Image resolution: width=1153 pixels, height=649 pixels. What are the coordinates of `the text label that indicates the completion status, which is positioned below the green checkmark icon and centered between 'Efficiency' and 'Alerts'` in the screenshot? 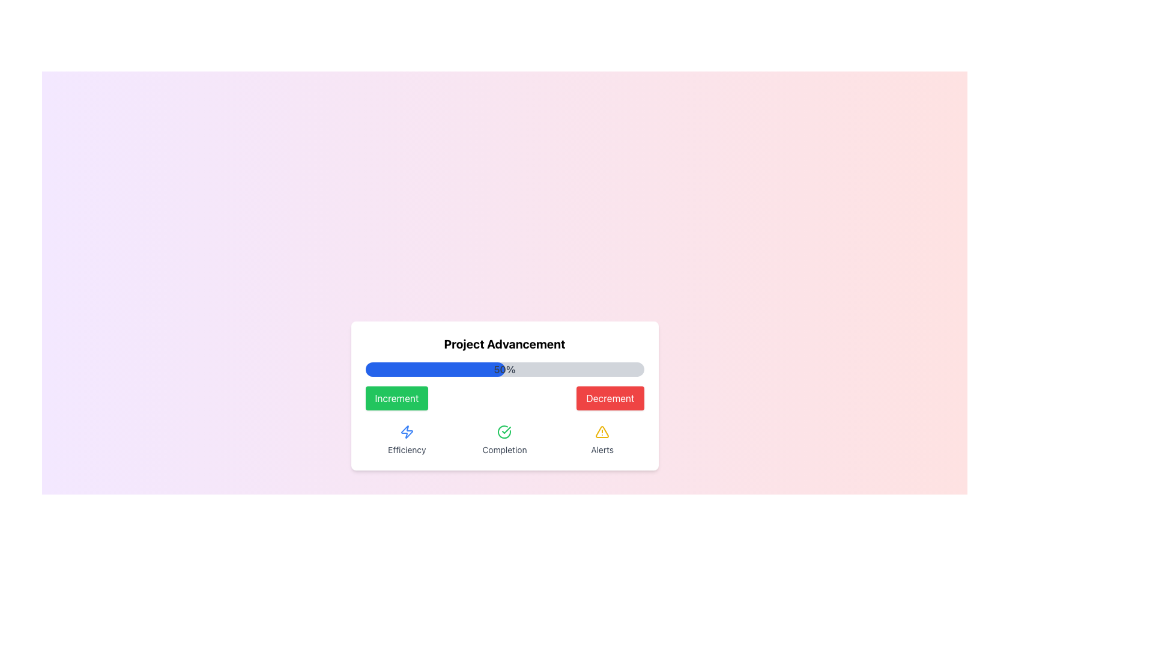 It's located at (504, 449).